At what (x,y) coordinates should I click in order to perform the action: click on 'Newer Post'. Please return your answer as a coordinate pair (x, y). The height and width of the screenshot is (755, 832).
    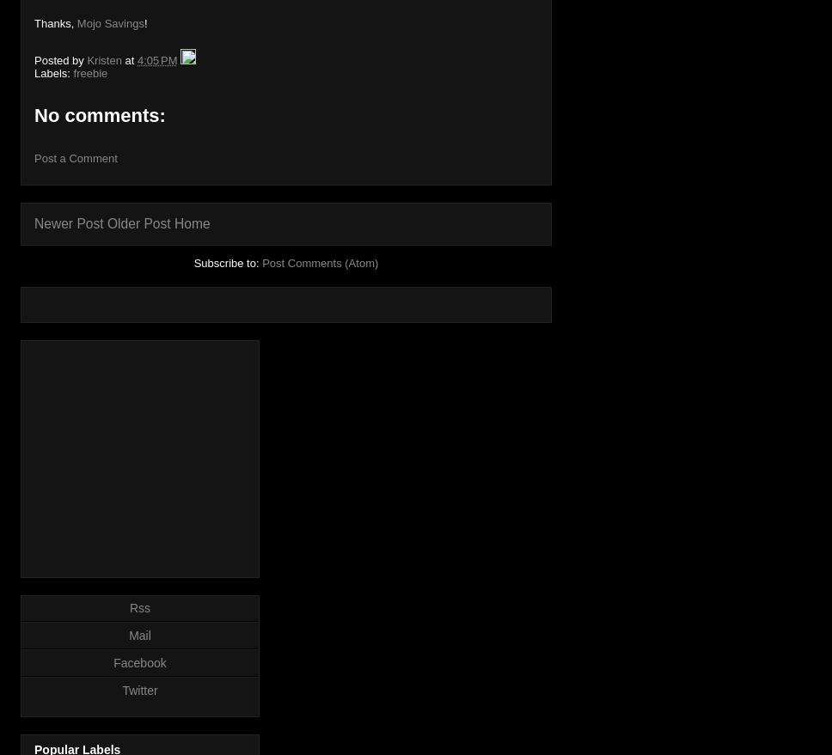
    Looking at the image, I should click on (67, 222).